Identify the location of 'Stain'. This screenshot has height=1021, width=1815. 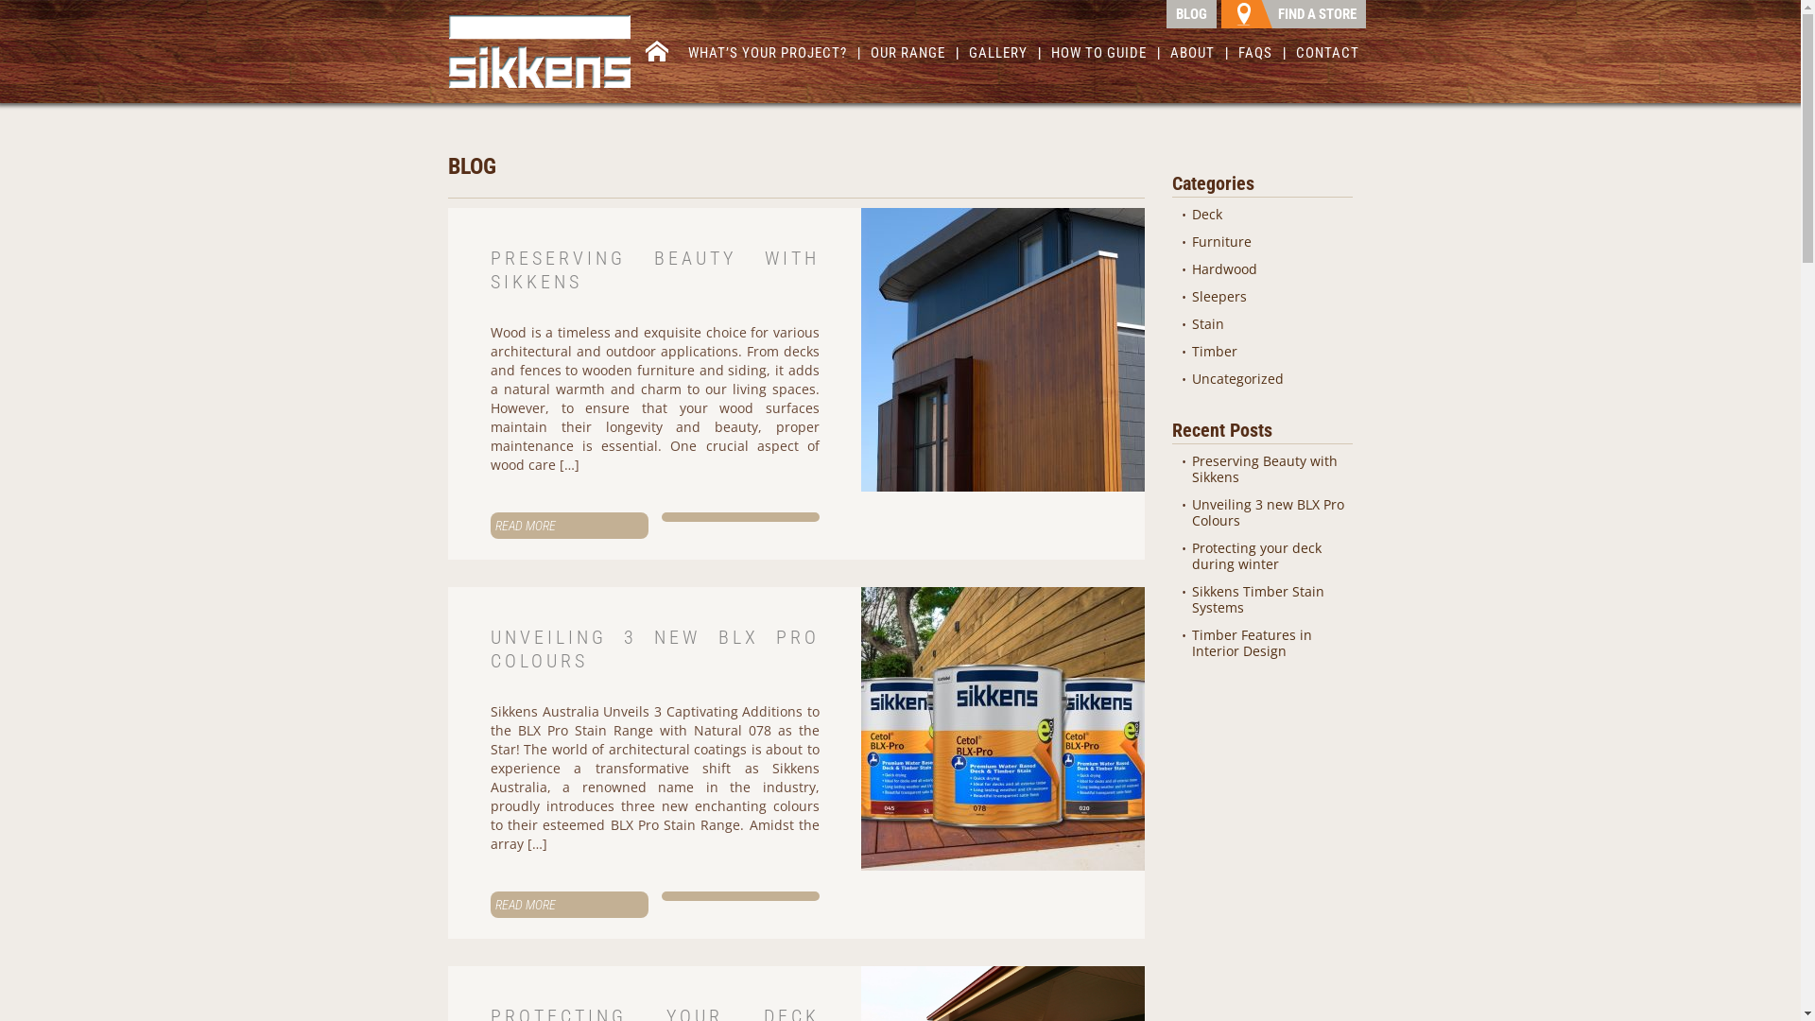
(1206, 322).